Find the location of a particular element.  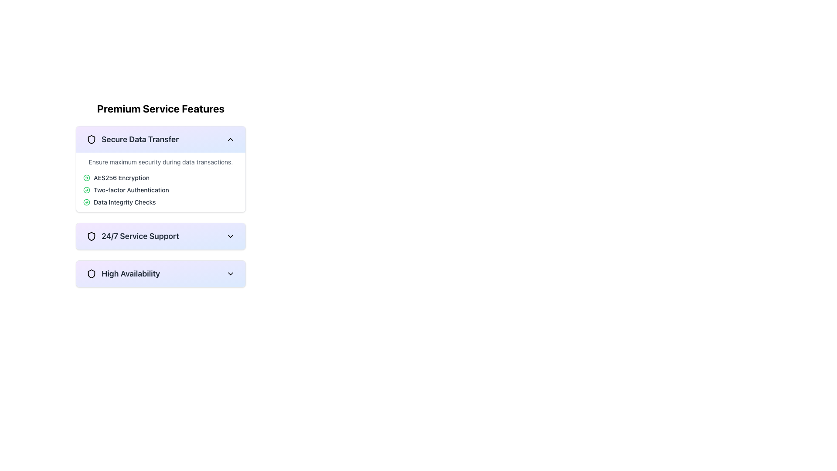

the Information Section displaying details about the 'Secure Data Transfer' service feature is located at coordinates (161, 194).